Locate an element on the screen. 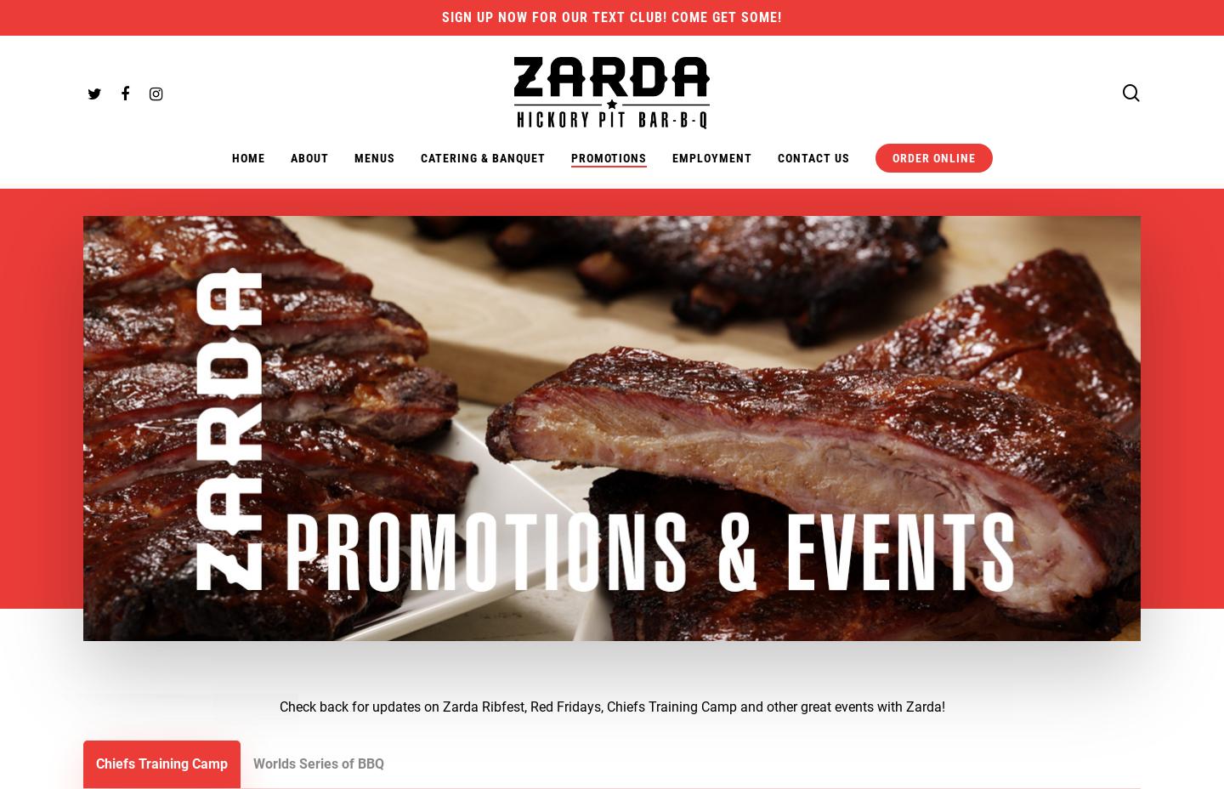  'Contact Us' is located at coordinates (813, 157).